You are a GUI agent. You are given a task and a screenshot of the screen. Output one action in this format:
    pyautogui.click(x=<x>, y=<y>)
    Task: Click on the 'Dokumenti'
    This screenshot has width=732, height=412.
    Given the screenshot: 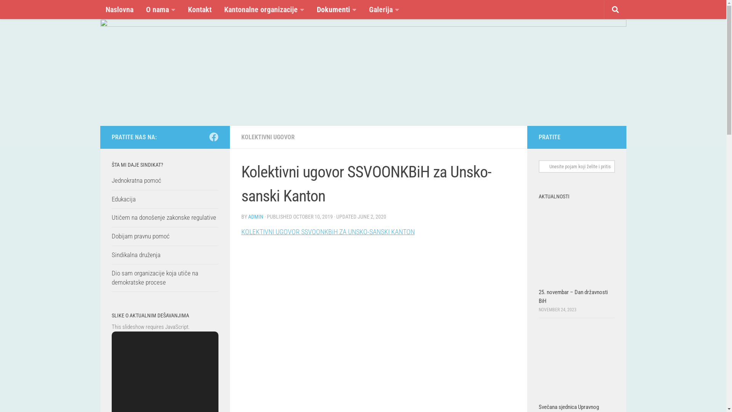 What is the action you would take?
    pyautogui.click(x=336, y=10)
    